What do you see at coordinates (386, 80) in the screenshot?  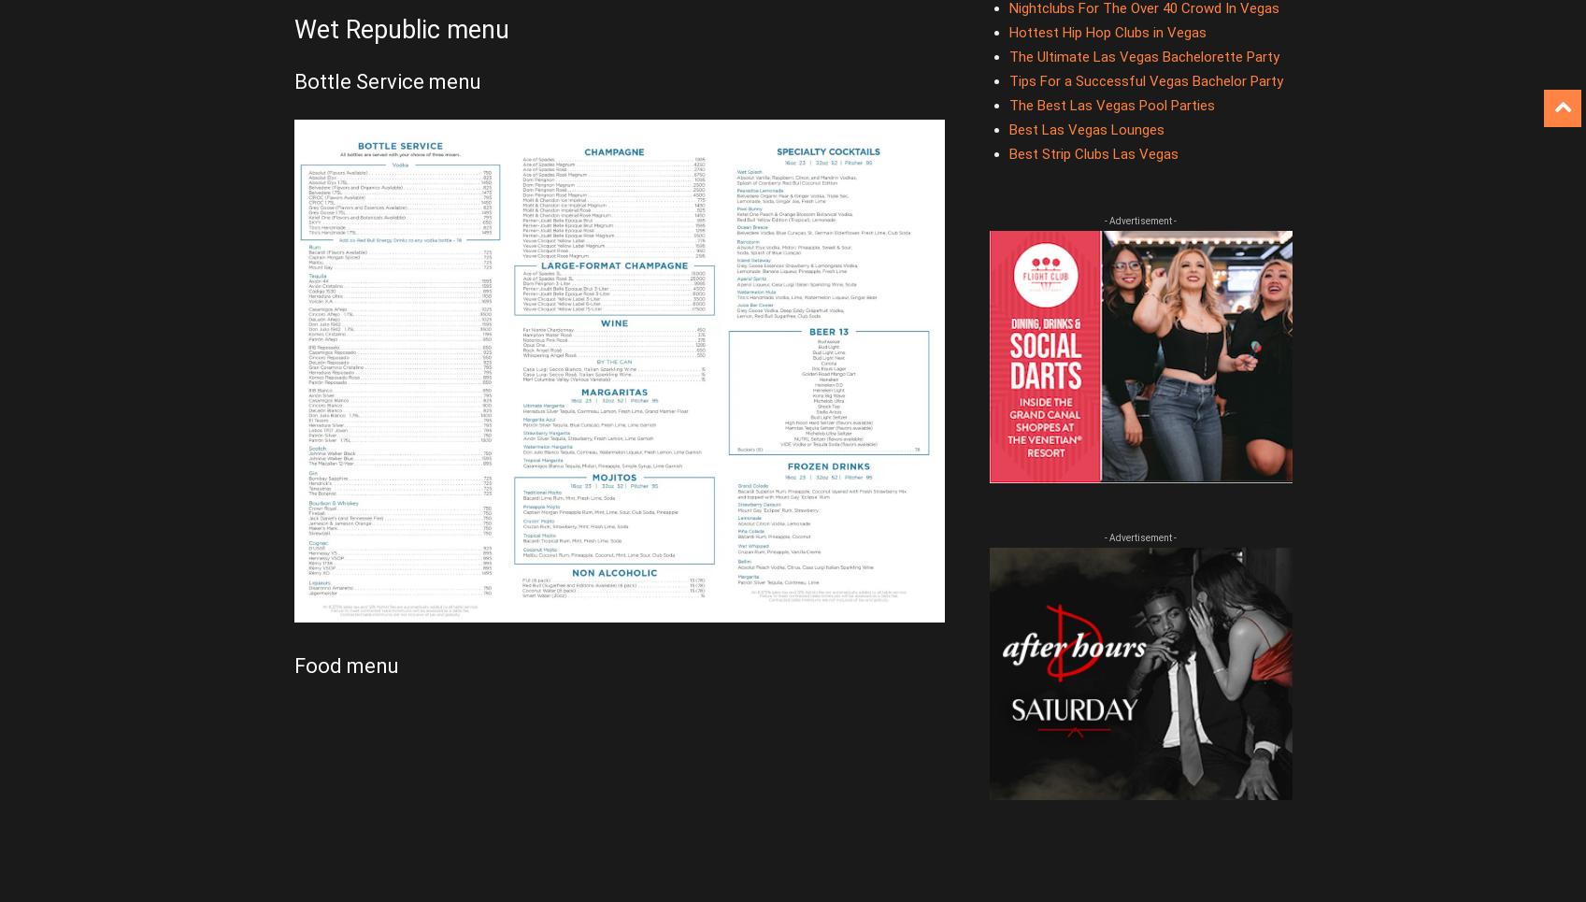 I see `'Bottle Service menu'` at bounding box center [386, 80].